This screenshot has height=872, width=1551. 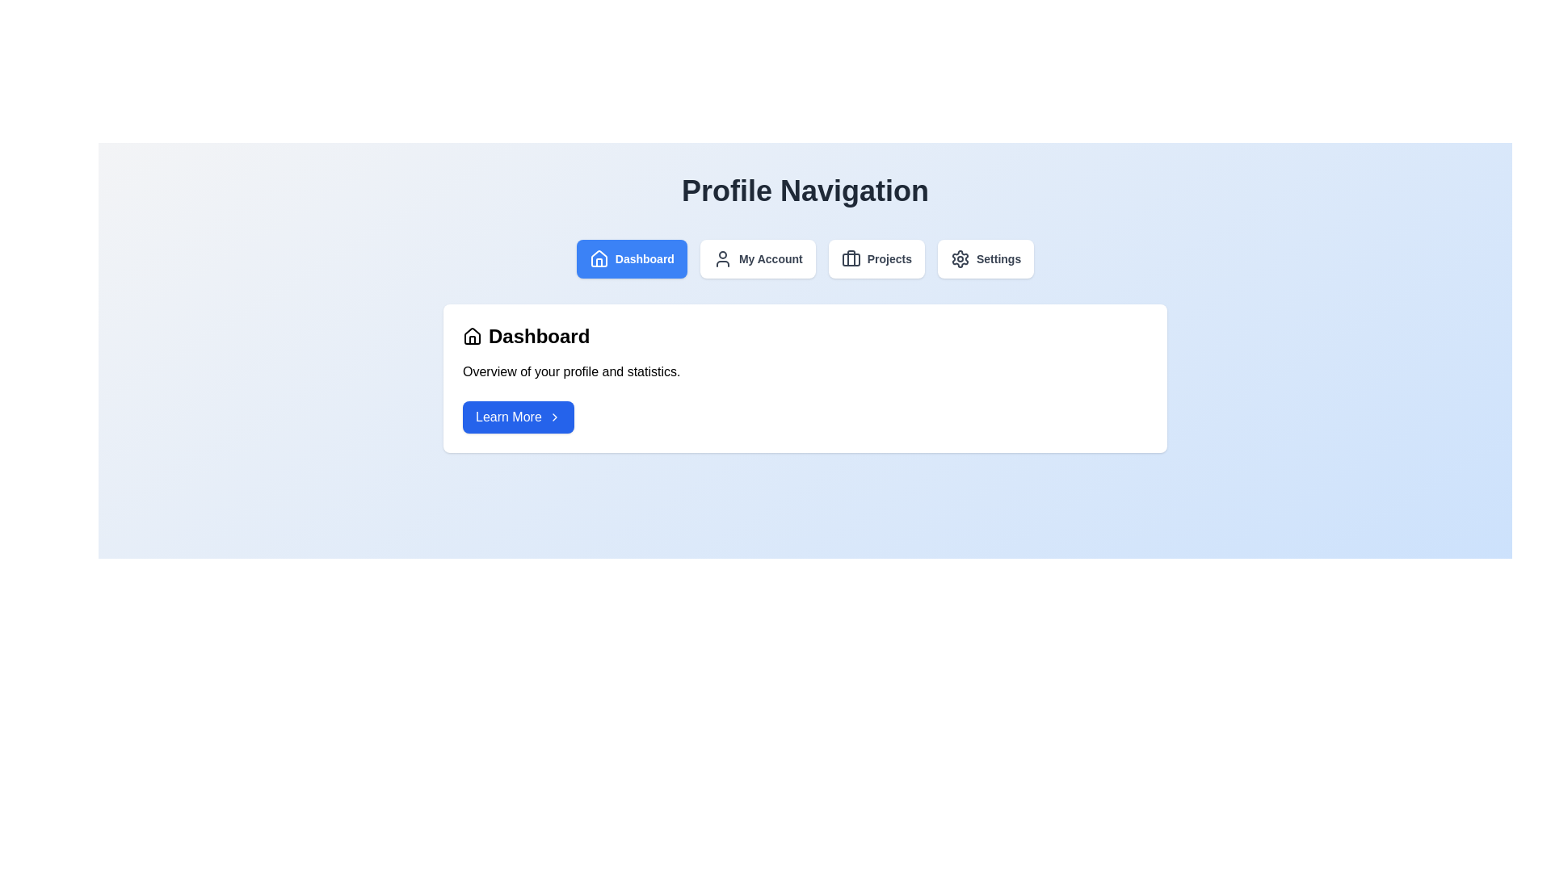 I want to click on the blue 'Learn More' button with rounded corners and a chevron icon located beneath the 'Overview of your profile and statistics.' text in the 'Dashboard' section, so click(x=518, y=416).